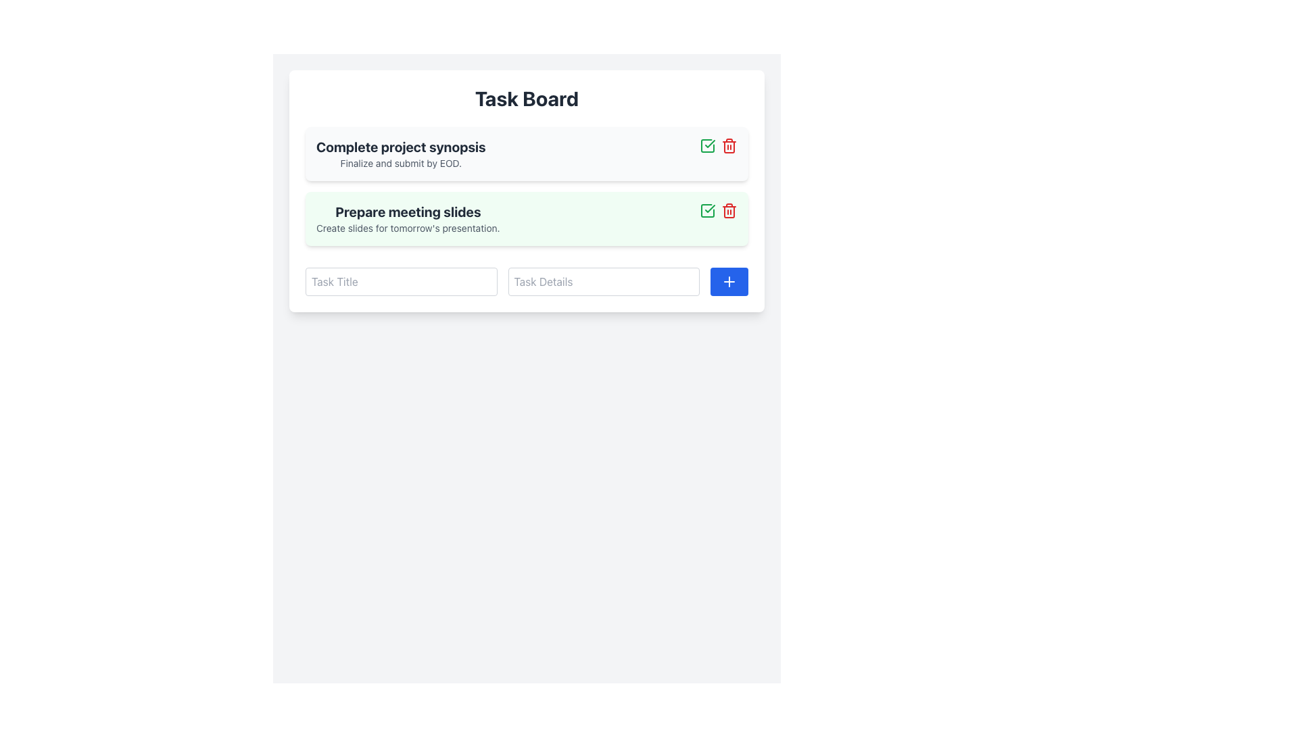 The height and width of the screenshot is (730, 1298). Describe the element at coordinates (709, 208) in the screenshot. I see `the checkmark icon that marks the task 'Prepare meeting slides' as complete in the task board interface` at that location.